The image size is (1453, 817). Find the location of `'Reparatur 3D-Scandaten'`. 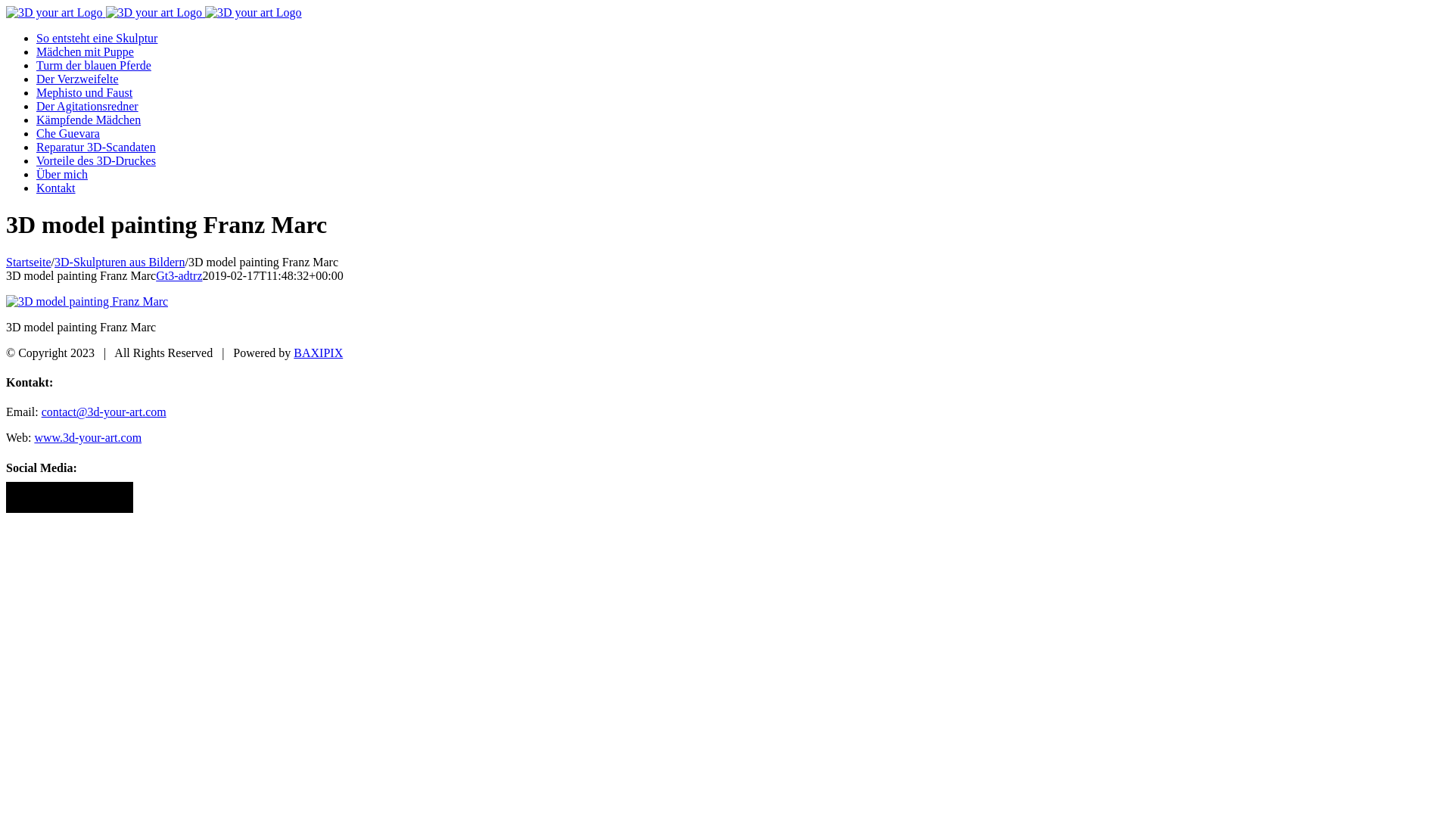

'Reparatur 3D-Scandaten' is located at coordinates (95, 147).